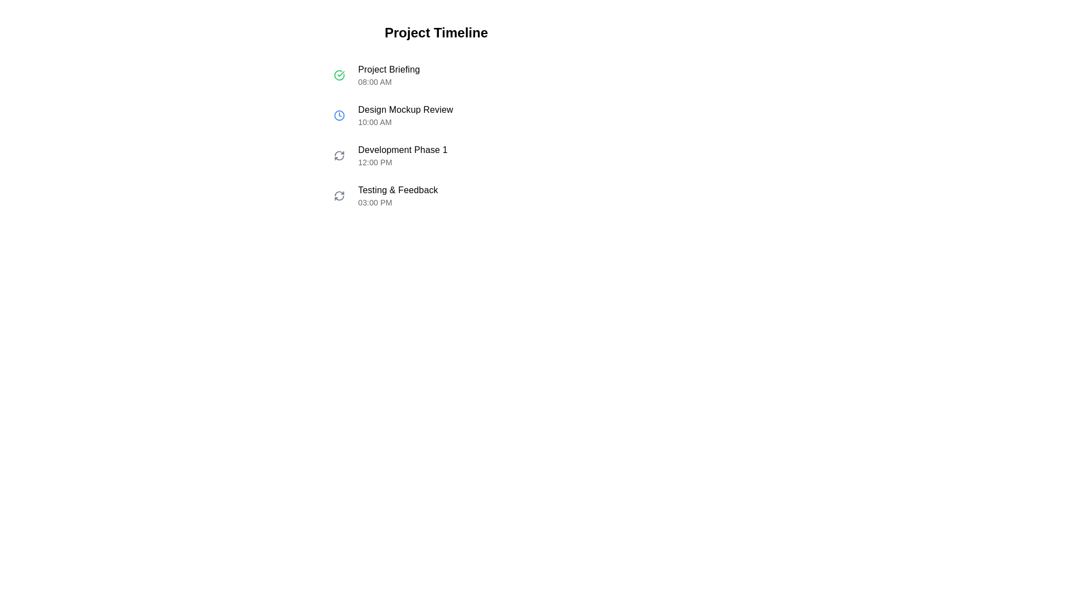 The width and height of the screenshot is (1072, 603). I want to click on the second item in the vertical timeline, which is a text block providing details about a scheduled task or event, to retrieve more information, so click(451, 116).